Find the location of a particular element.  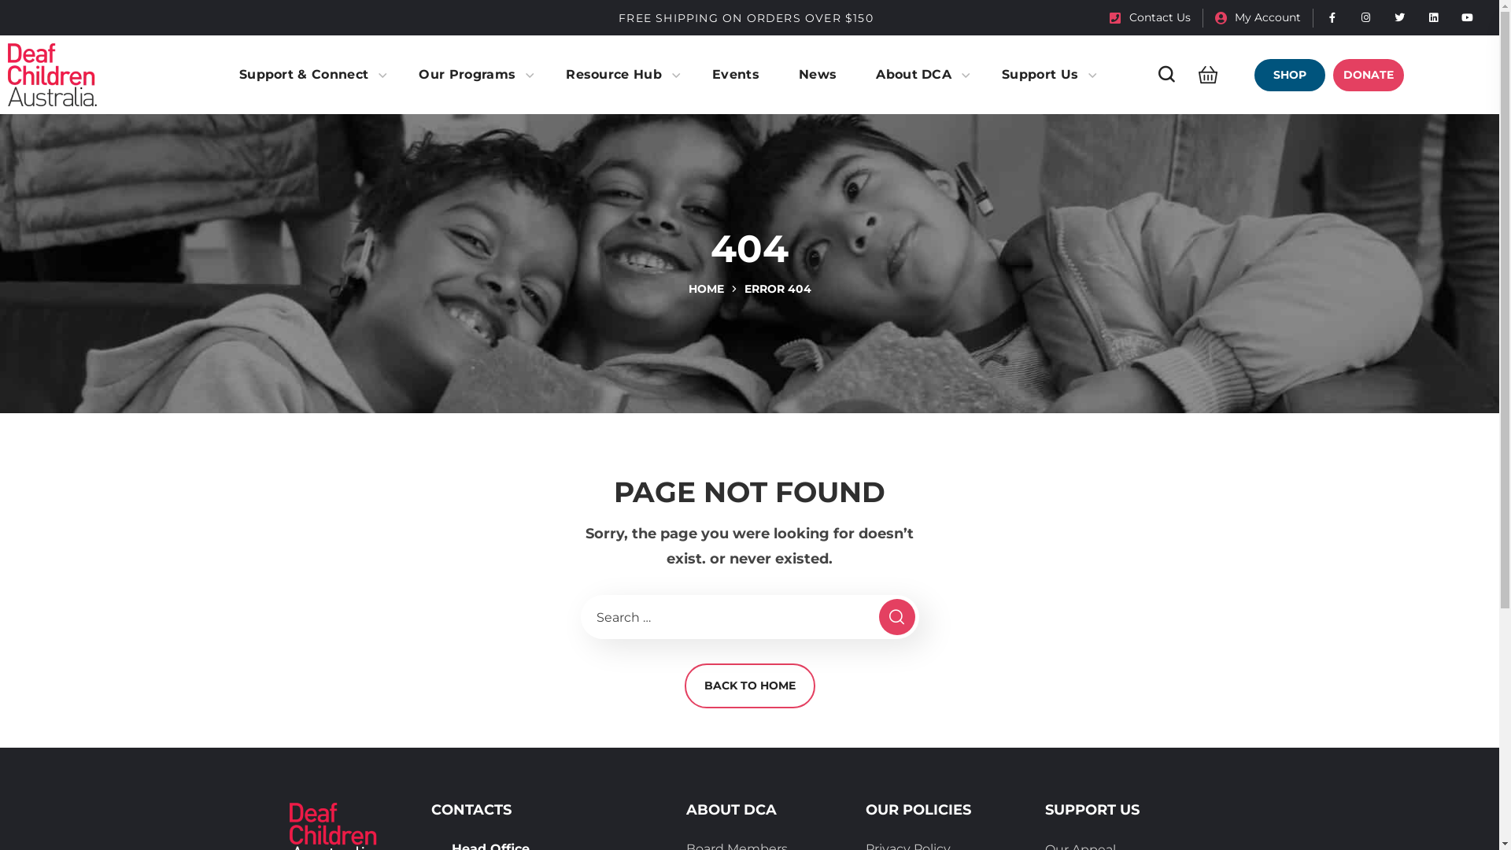

'DONATE' is located at coordinates (1367, 74).